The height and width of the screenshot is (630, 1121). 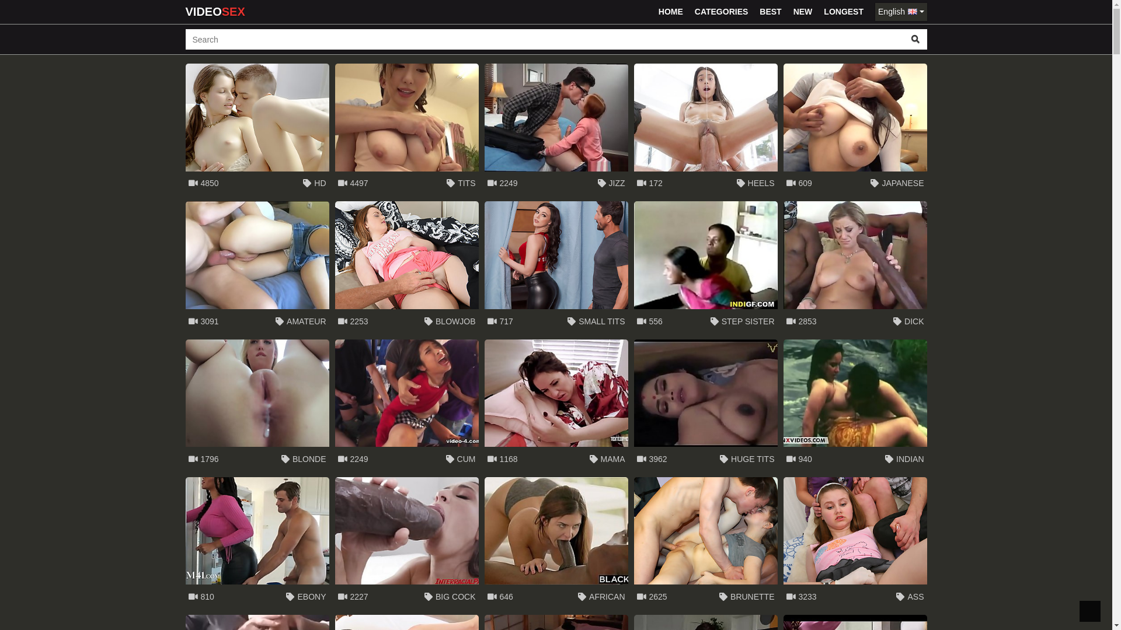 What do you see at coordinates (855, 404) in the screenshot?
I see `'940` at bounding box center [855, 404].